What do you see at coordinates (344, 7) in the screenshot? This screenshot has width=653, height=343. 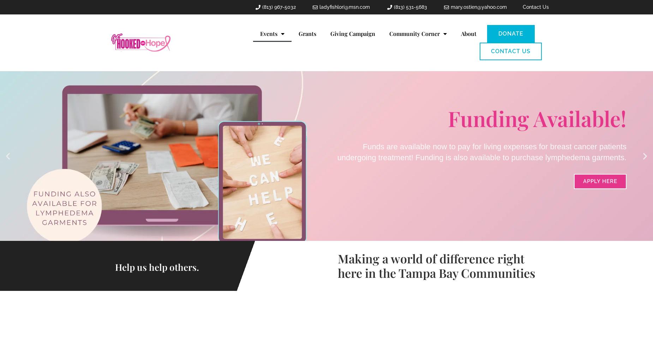 I see `'ladyfishlori@msn.com'` at bounding box center [344, 7].